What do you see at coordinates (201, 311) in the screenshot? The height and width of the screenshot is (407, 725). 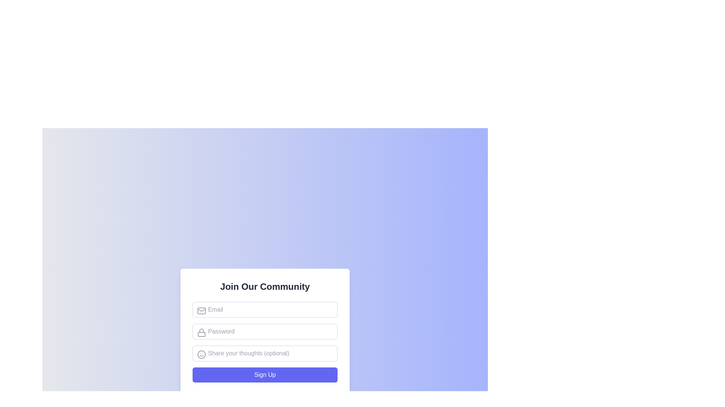 I see `the gray envelope icon located on the left side of the 'Email' input field in the 'Join Our Community' form` at bounding box center [201, 311].